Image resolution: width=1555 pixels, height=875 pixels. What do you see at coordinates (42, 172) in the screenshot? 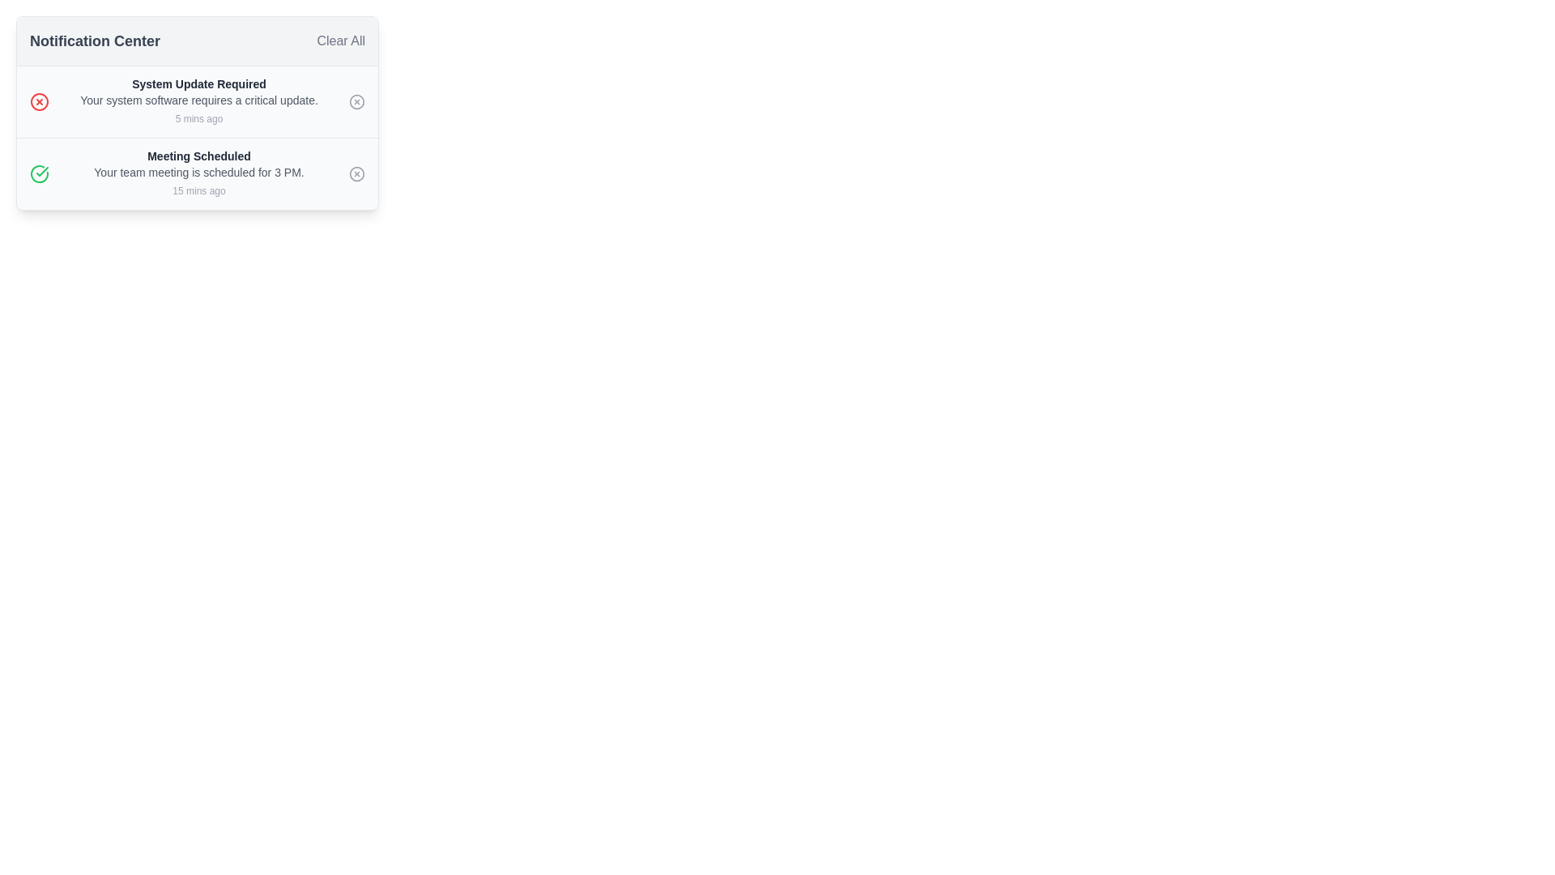
I see `the green checkmark icon within the Notification Center panel, located in the second row, to the left of the 'Meeting Scheduled' text` at bounding box center [42, 172].